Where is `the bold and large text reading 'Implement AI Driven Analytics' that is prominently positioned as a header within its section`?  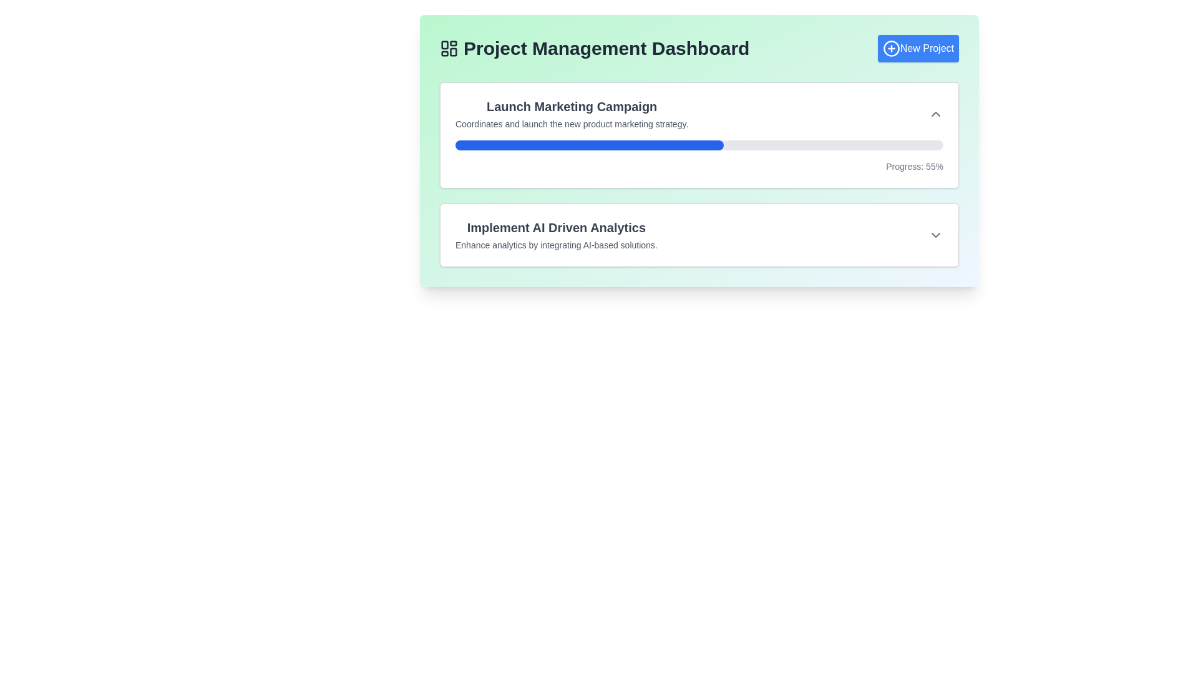
the bold and large text reading 'Implement AI Driven Analytics' that is prominently positioned as a header within its section is located at coordinates (555, 228).